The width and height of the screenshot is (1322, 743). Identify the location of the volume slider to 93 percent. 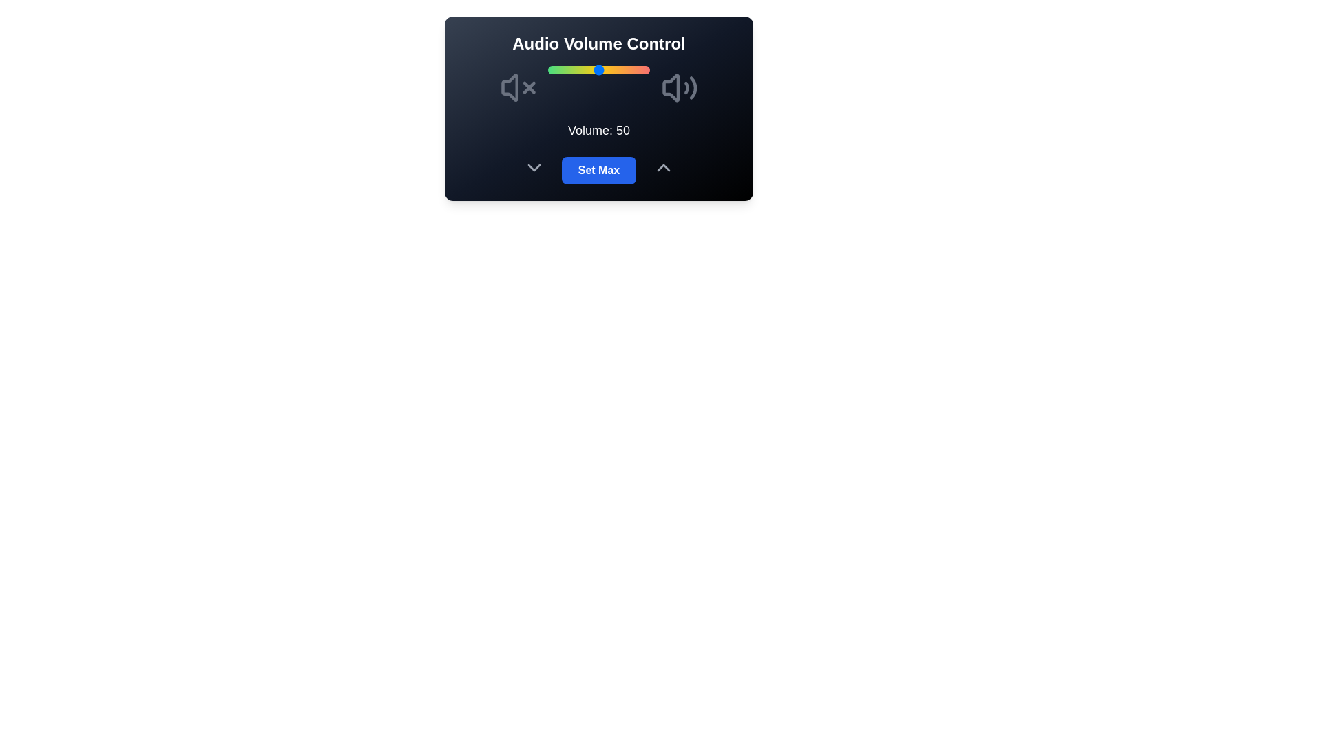
(642, 69).